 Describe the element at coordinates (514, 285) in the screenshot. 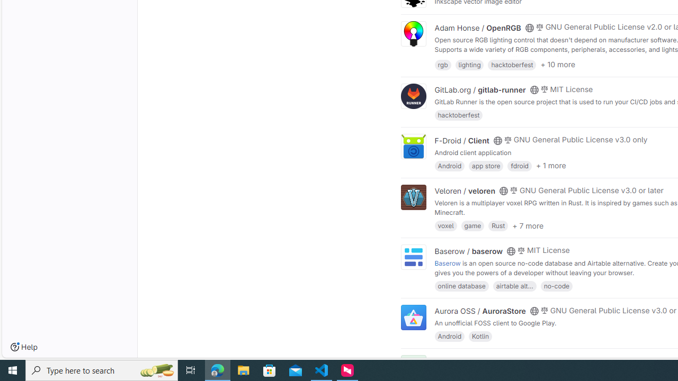

I see `'airtable alt...'` at that location.